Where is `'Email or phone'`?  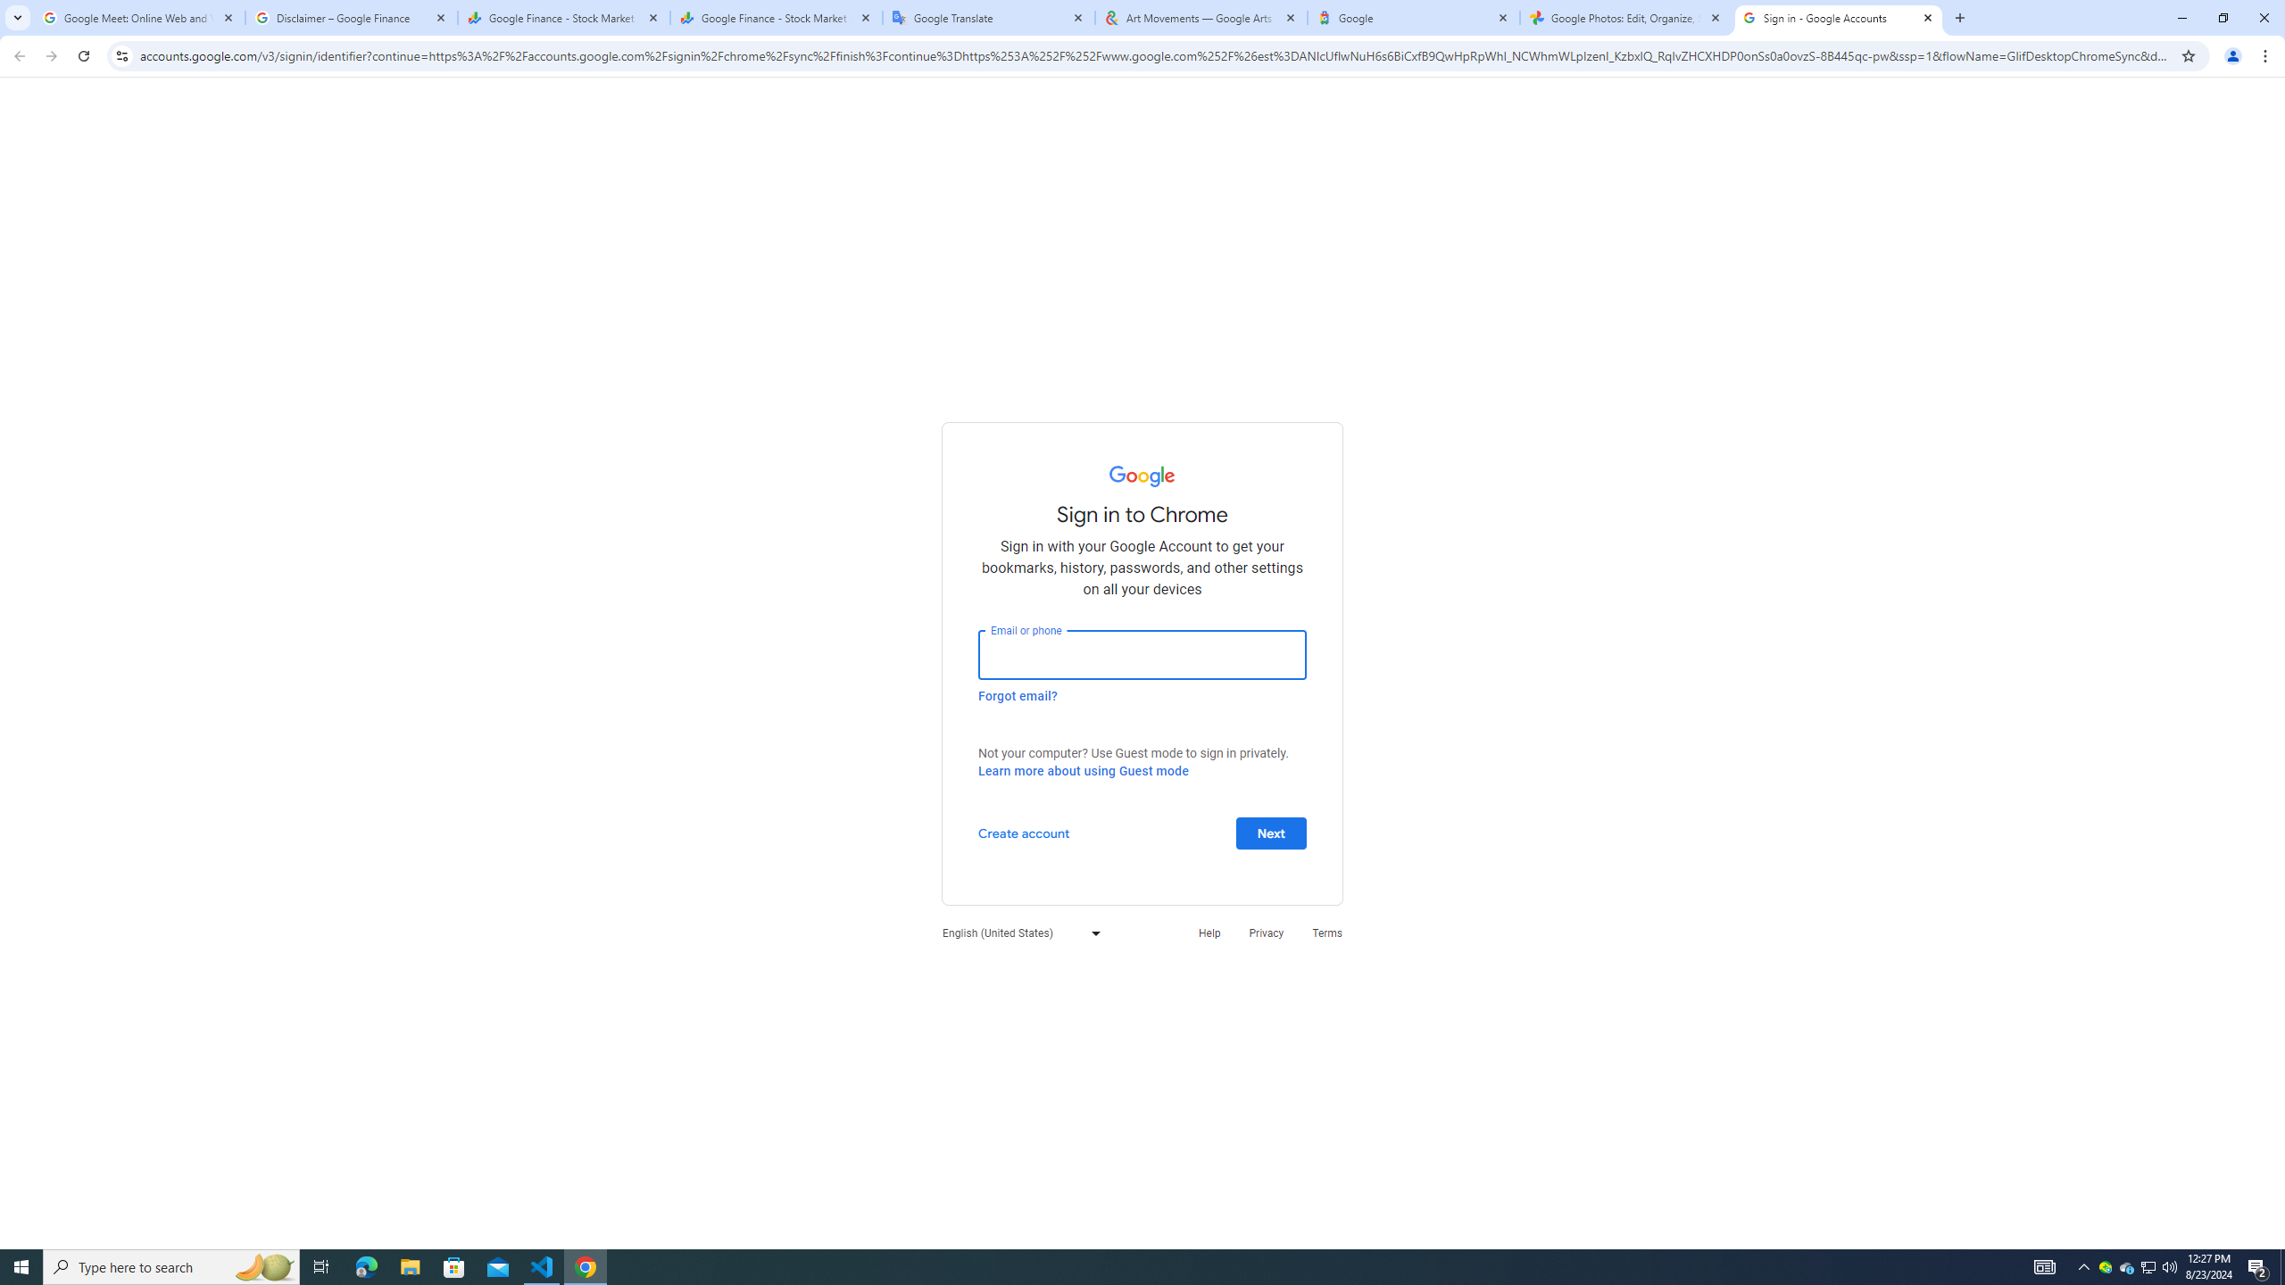 'Email or phone' is located at coordinates (1142, 653).